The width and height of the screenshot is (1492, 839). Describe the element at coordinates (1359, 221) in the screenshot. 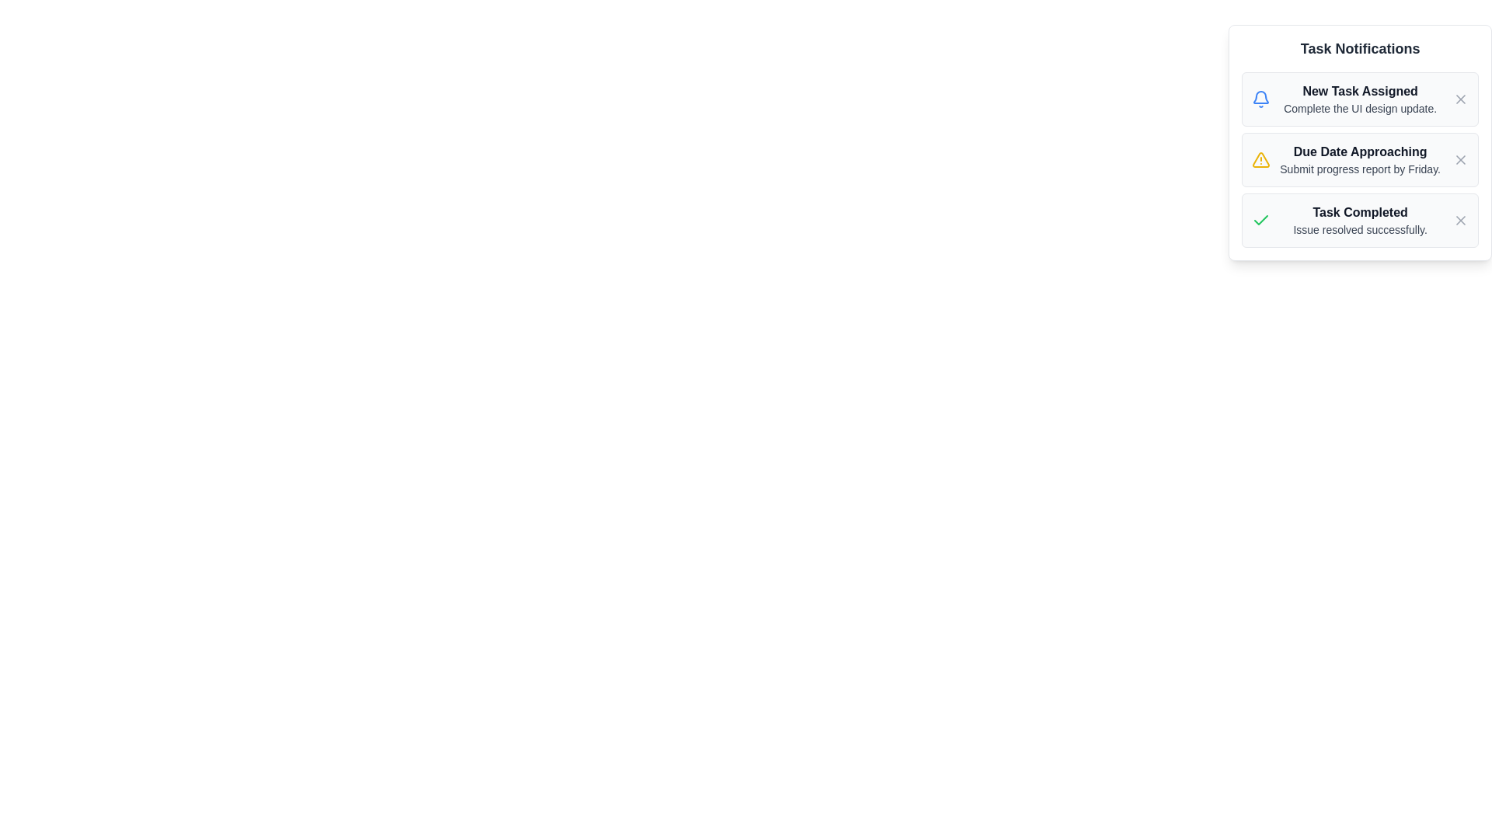

I see `the Notification card that indicates the successful completion of a task, which is the third notification in the list` at that location.